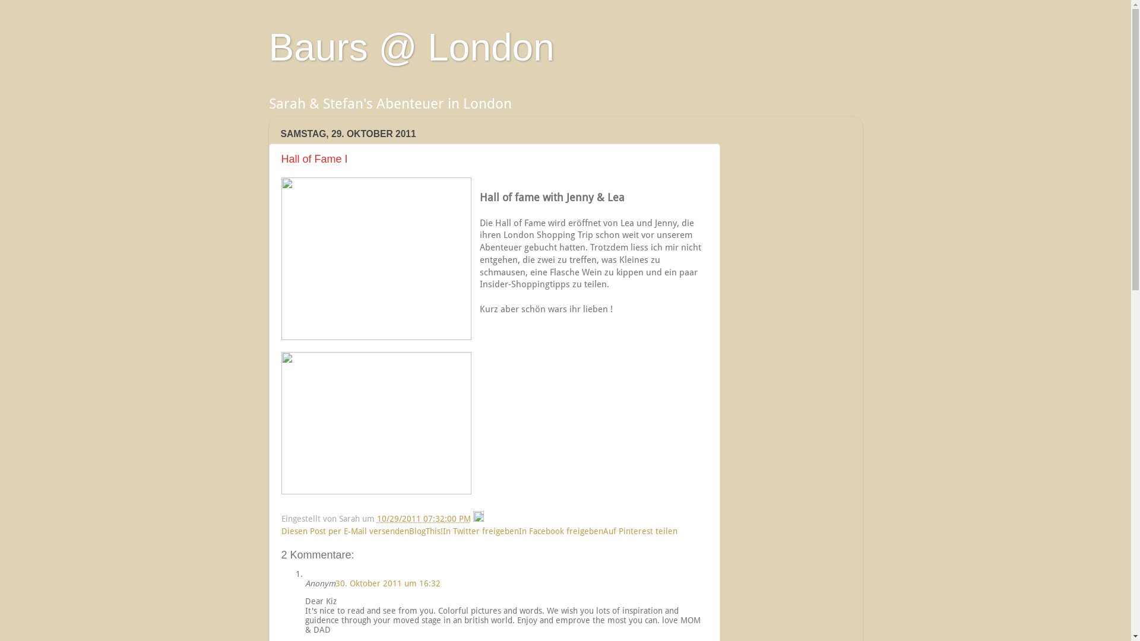 Image resolution: width=1140 pixels, height=641 pixels. Describe the element at coordinates (478, 518) in the screenshot. I see `'Post bearbeiten'` at that location.